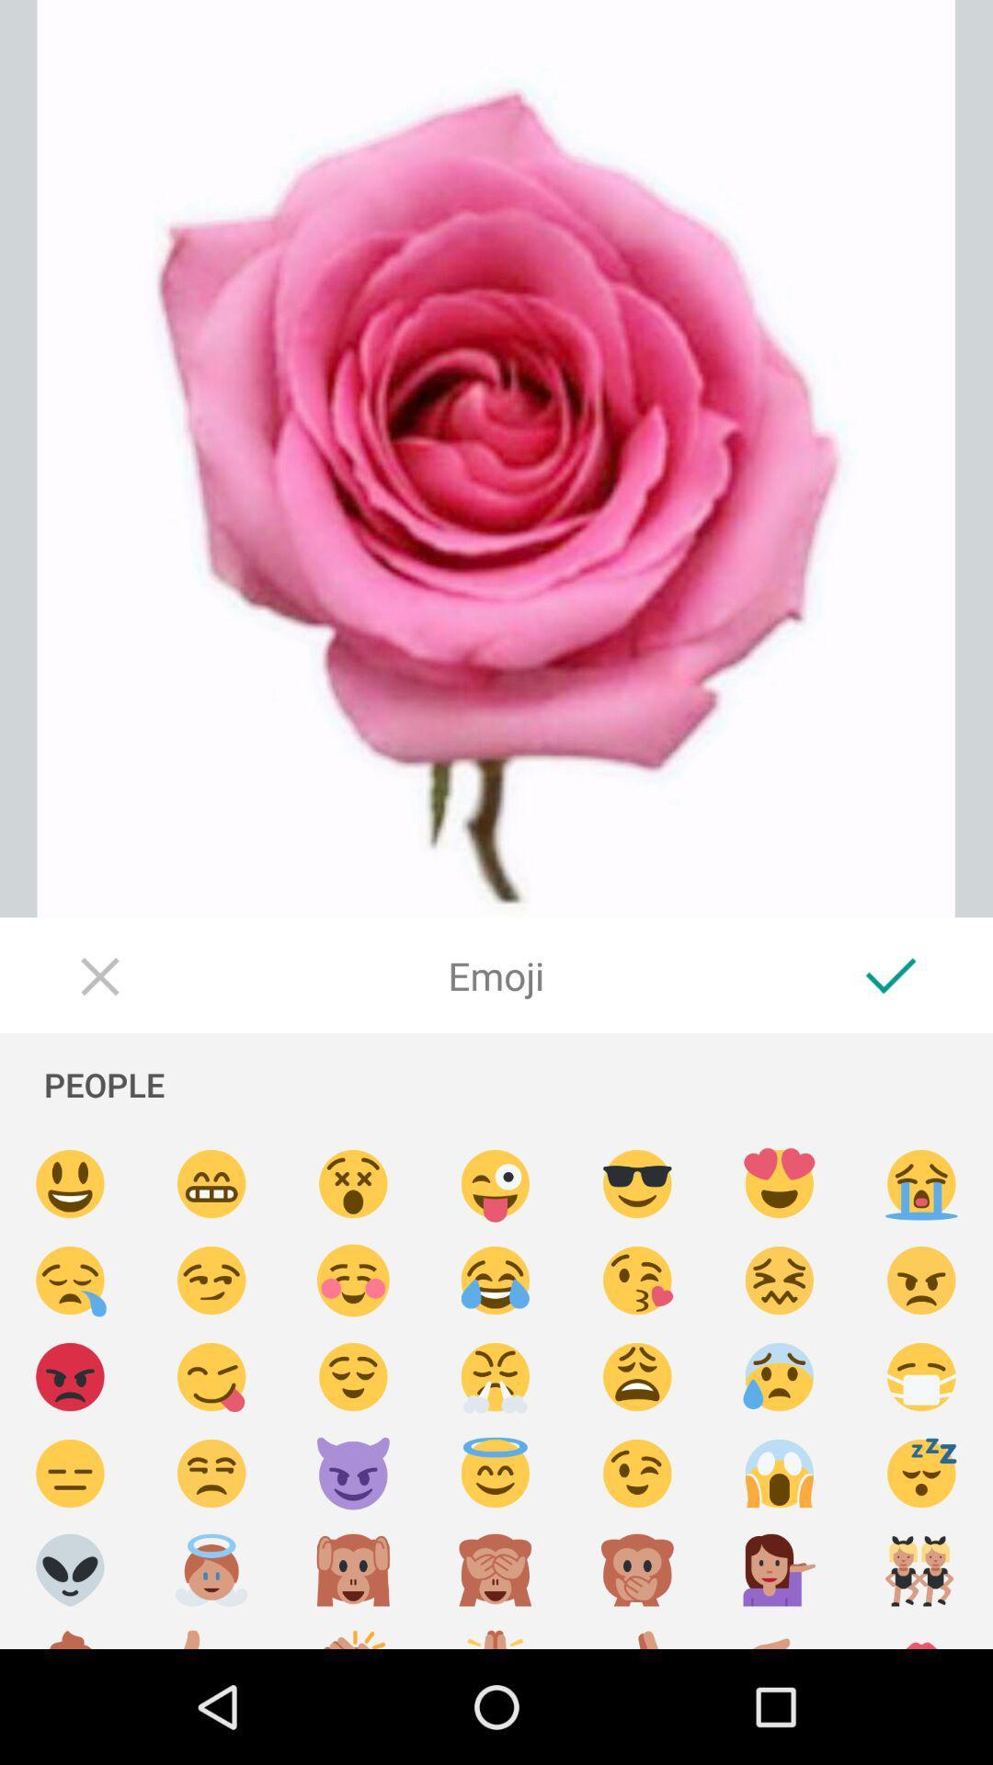 This screenshot has width=993, height=1765. What do you see at coordinates (495, 1474) in the screenshot?
I see `emoji` at bounding box center [495, 1474].